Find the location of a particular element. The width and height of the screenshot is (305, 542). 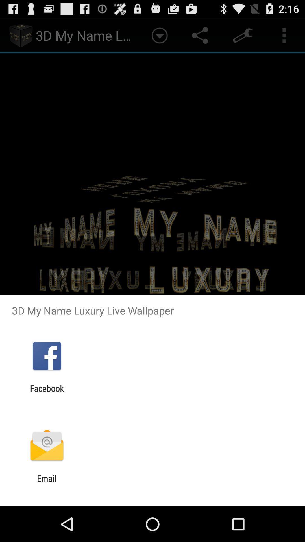

facebook app is located at coordinates (47, 393).